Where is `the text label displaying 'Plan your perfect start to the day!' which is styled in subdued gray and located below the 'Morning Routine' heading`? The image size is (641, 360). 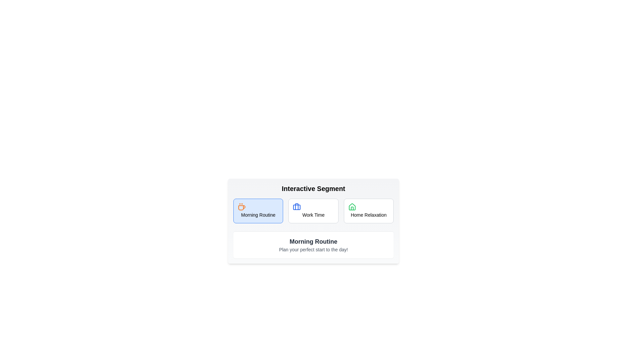 the text label displaying 'Plan your perfect start to the day!' which is styled in subdued gray and located below the 'Morning Routine' heading is located at coordinates (313, 249).